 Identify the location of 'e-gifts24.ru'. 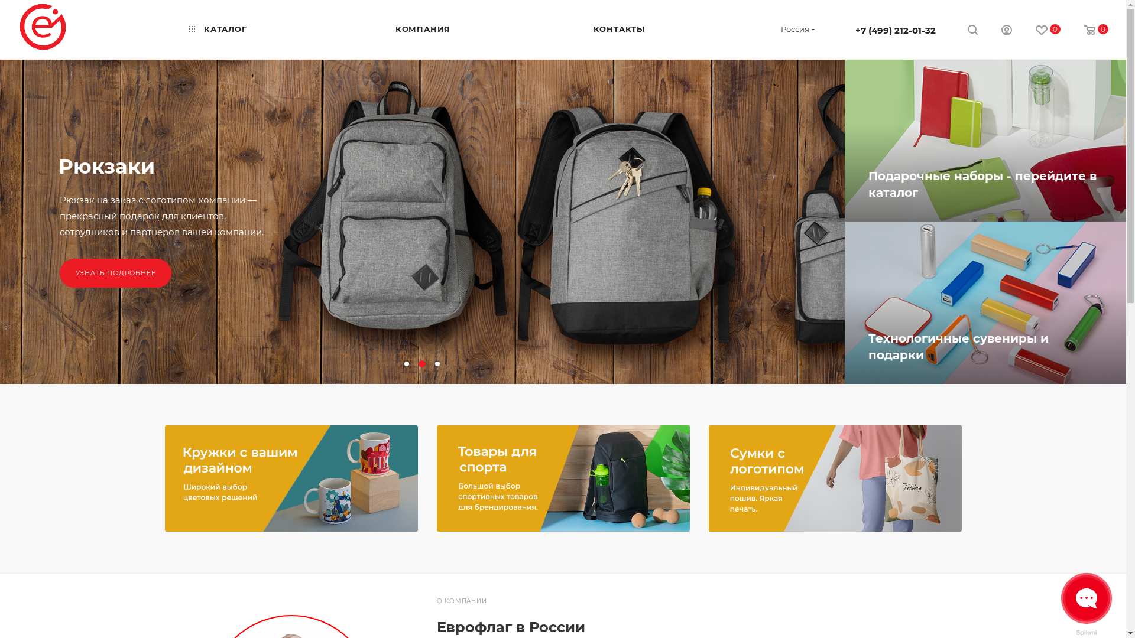
(43, 27).